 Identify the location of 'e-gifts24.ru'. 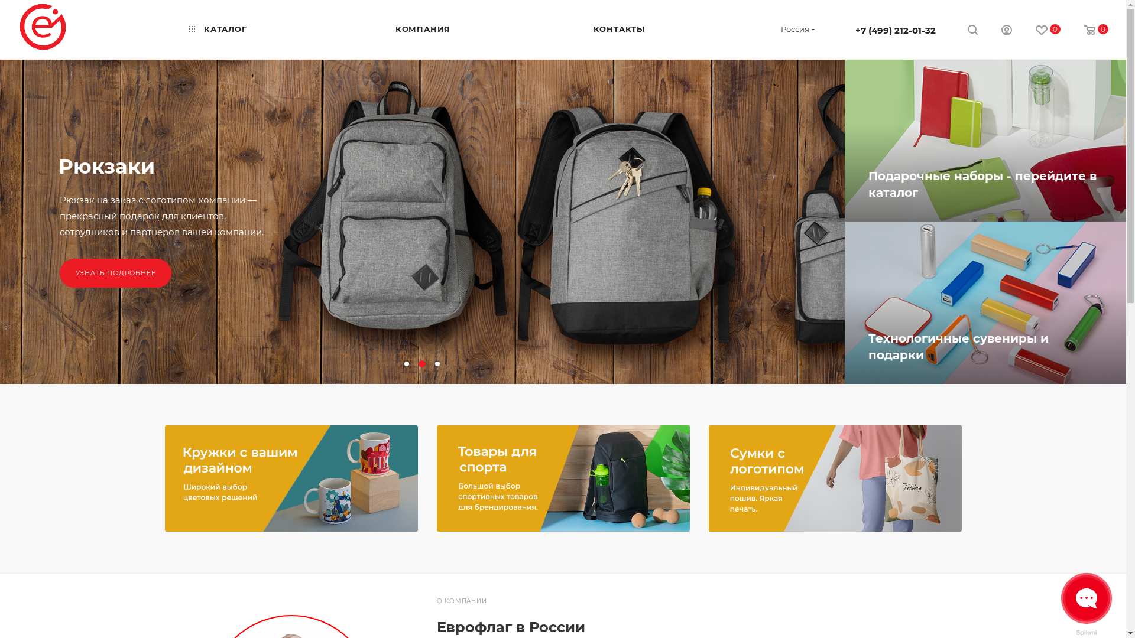
(43, 27).